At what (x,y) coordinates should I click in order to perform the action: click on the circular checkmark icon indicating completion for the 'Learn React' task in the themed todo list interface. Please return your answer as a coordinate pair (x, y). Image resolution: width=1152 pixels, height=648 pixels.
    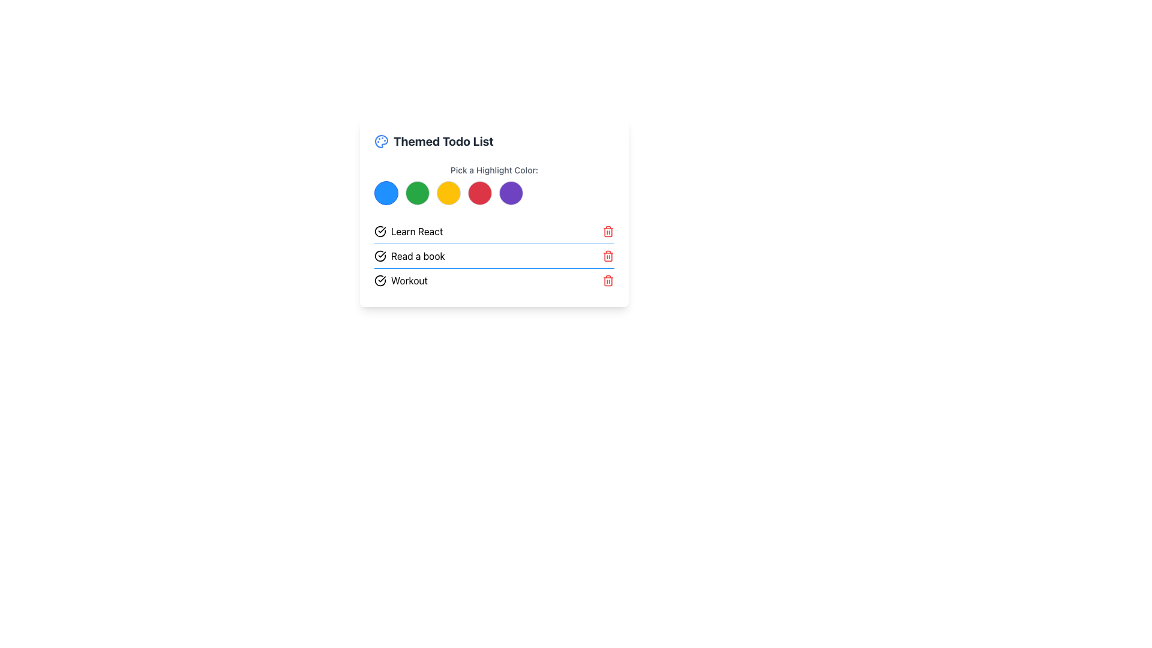
    Looking at the image, I should click on (379, 231).